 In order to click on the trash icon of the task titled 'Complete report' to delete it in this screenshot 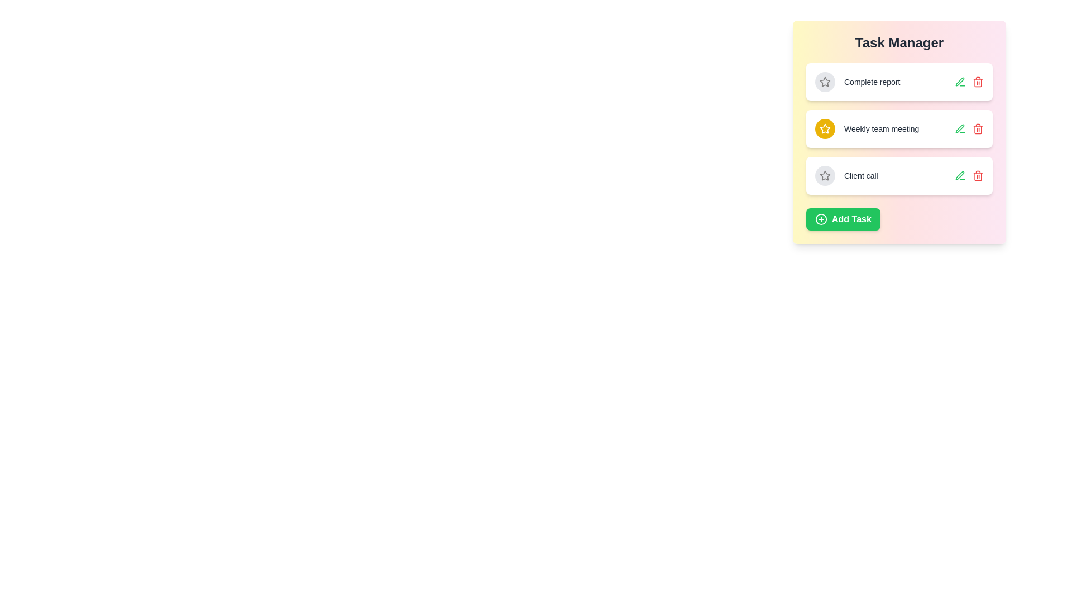, I will do `click(978, 81)`.